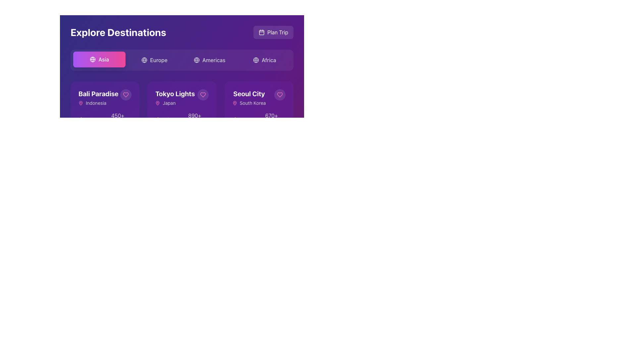 The height and width of the screenshot is (357, 636). I want to click on the textual display that shows the rating value for the 'Seoul City' destination, located to the right of the yellow star icon in the 'Explore Destinations' section, so click(242, 120).